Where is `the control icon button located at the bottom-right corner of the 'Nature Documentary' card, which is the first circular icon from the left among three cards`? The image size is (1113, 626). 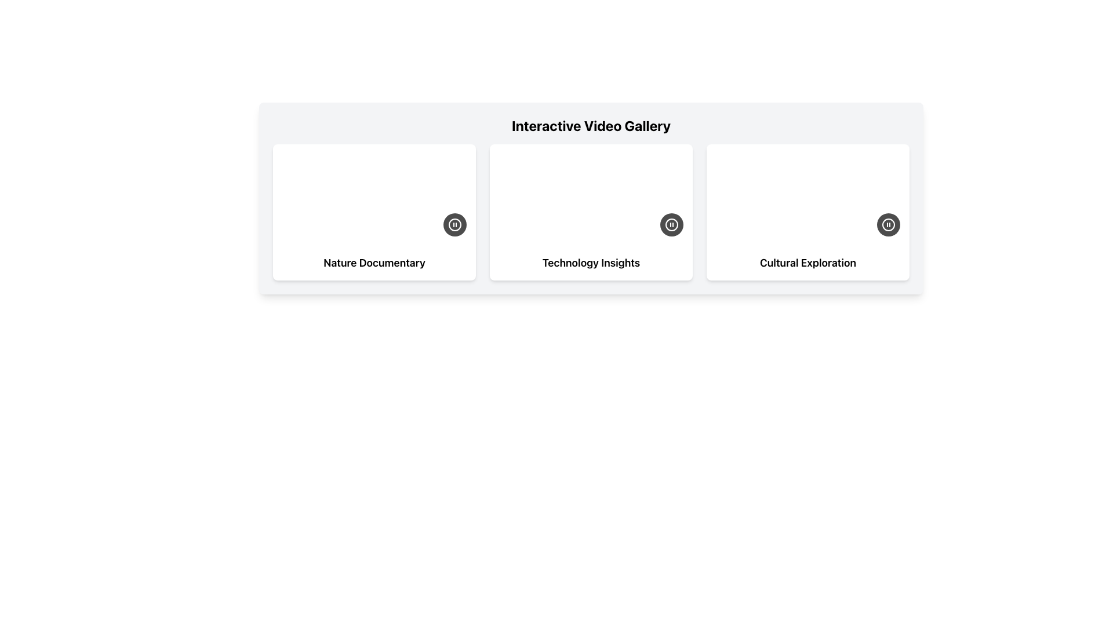 the control icon button located at the bottom-right corner of the 'Nature Documentary' card, which is the first circular icon from the left among three cards is located at coordinates (454, 225).